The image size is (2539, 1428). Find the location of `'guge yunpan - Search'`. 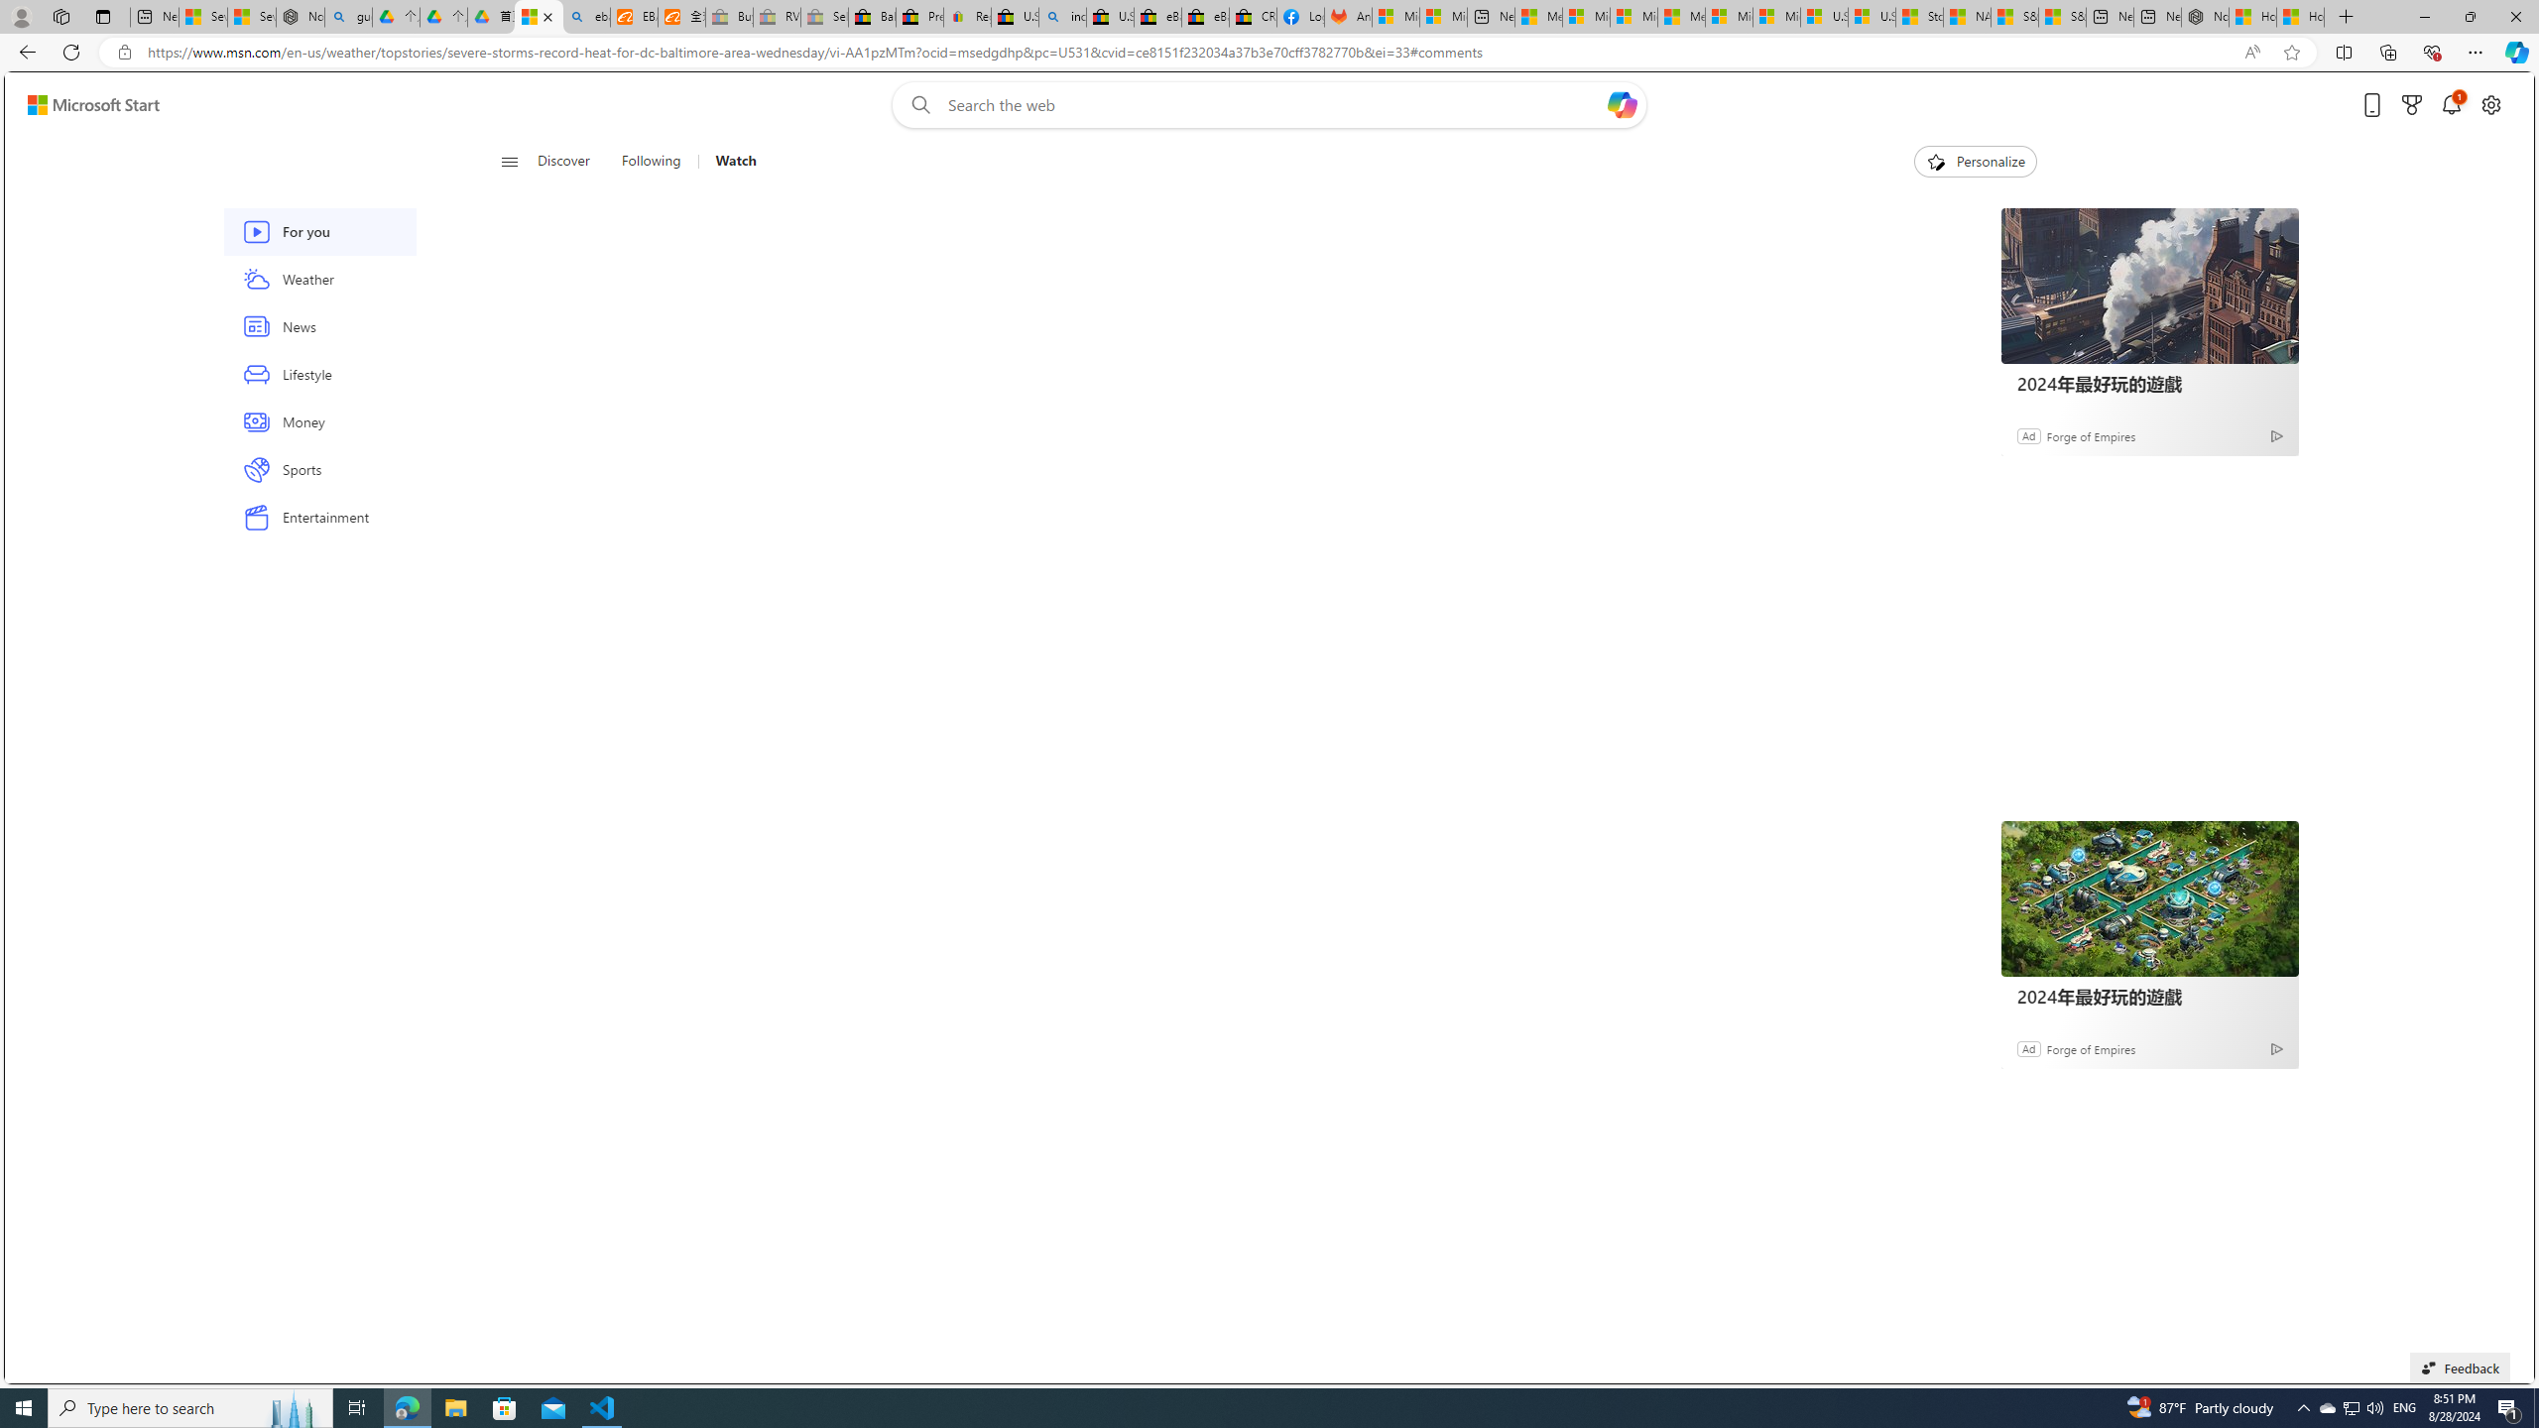

'guge yunpan - Search' is located at coordinates (348, 16).